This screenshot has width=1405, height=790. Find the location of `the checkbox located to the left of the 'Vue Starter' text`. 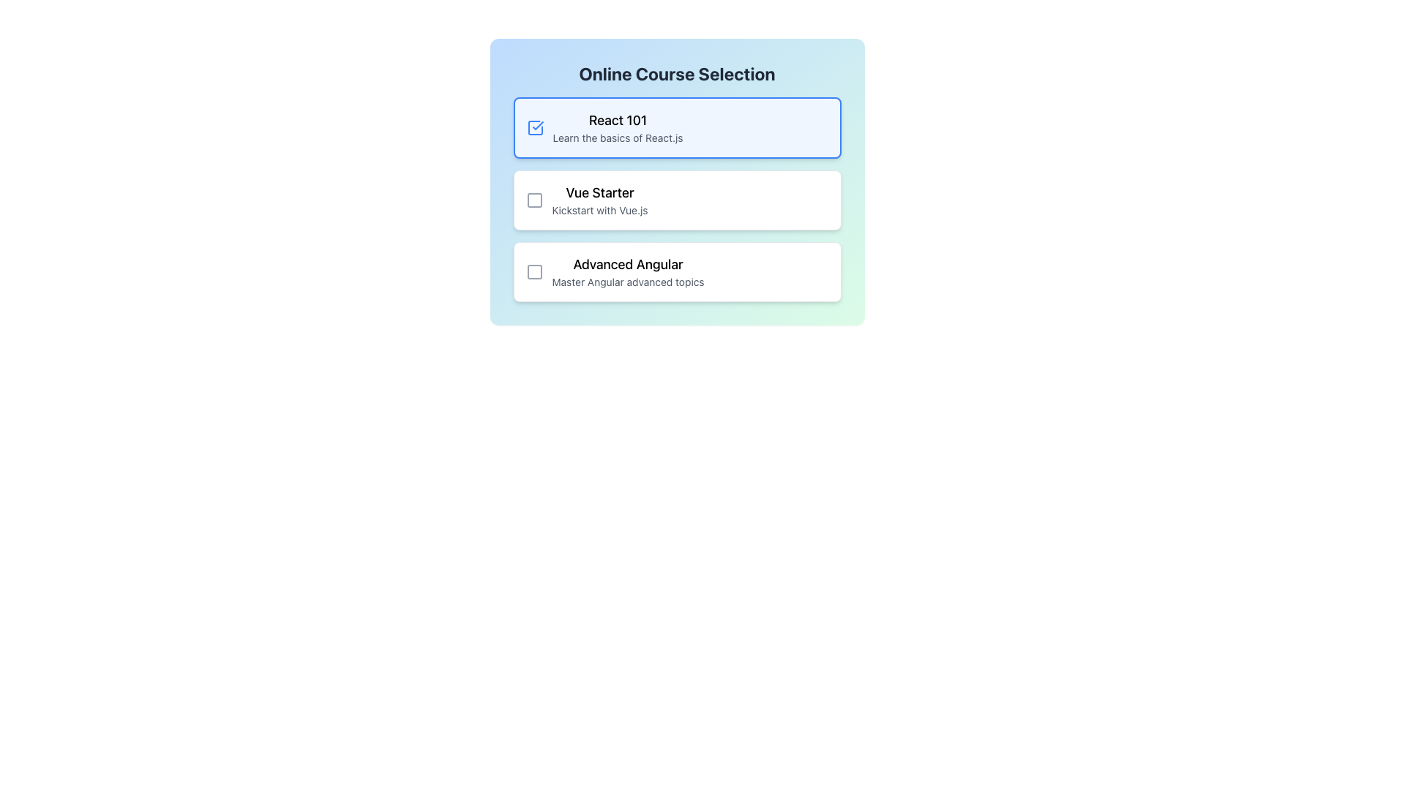

the checkbox located to the left of the 'Vue Starter' text is located at coordinates (533, 200).